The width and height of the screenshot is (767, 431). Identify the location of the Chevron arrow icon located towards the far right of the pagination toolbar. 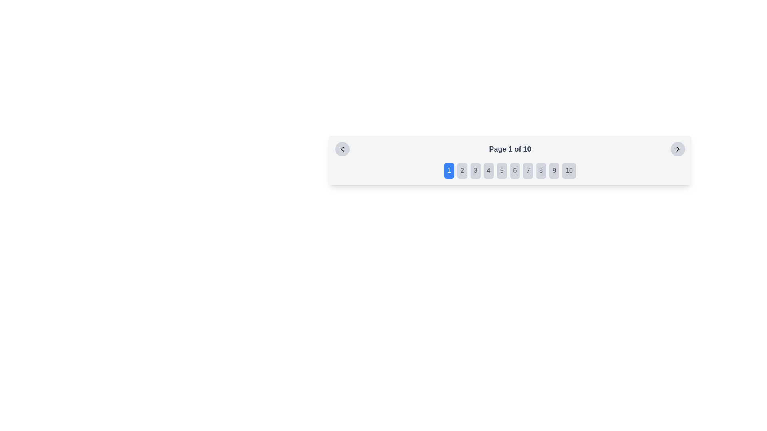
(677, 149).